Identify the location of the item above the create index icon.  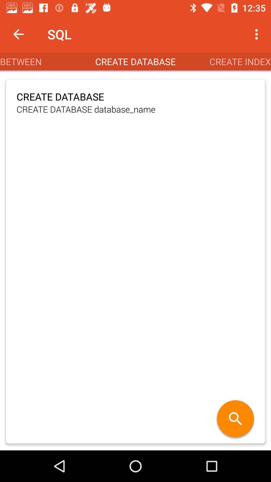
(258, 34).